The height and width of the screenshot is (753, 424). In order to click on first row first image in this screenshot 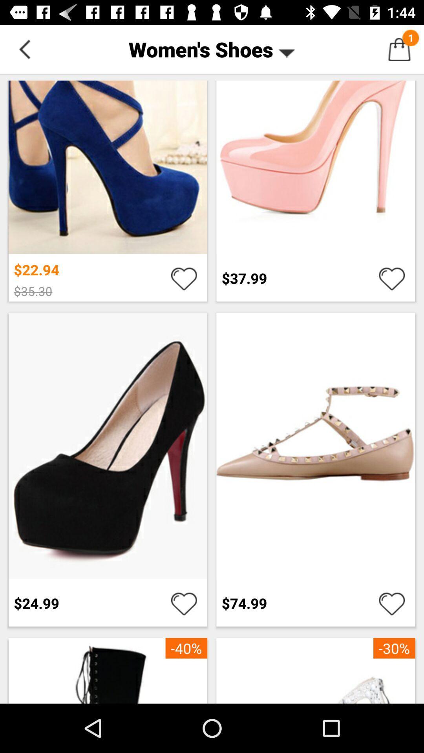, I will do `click(108, 164)`.